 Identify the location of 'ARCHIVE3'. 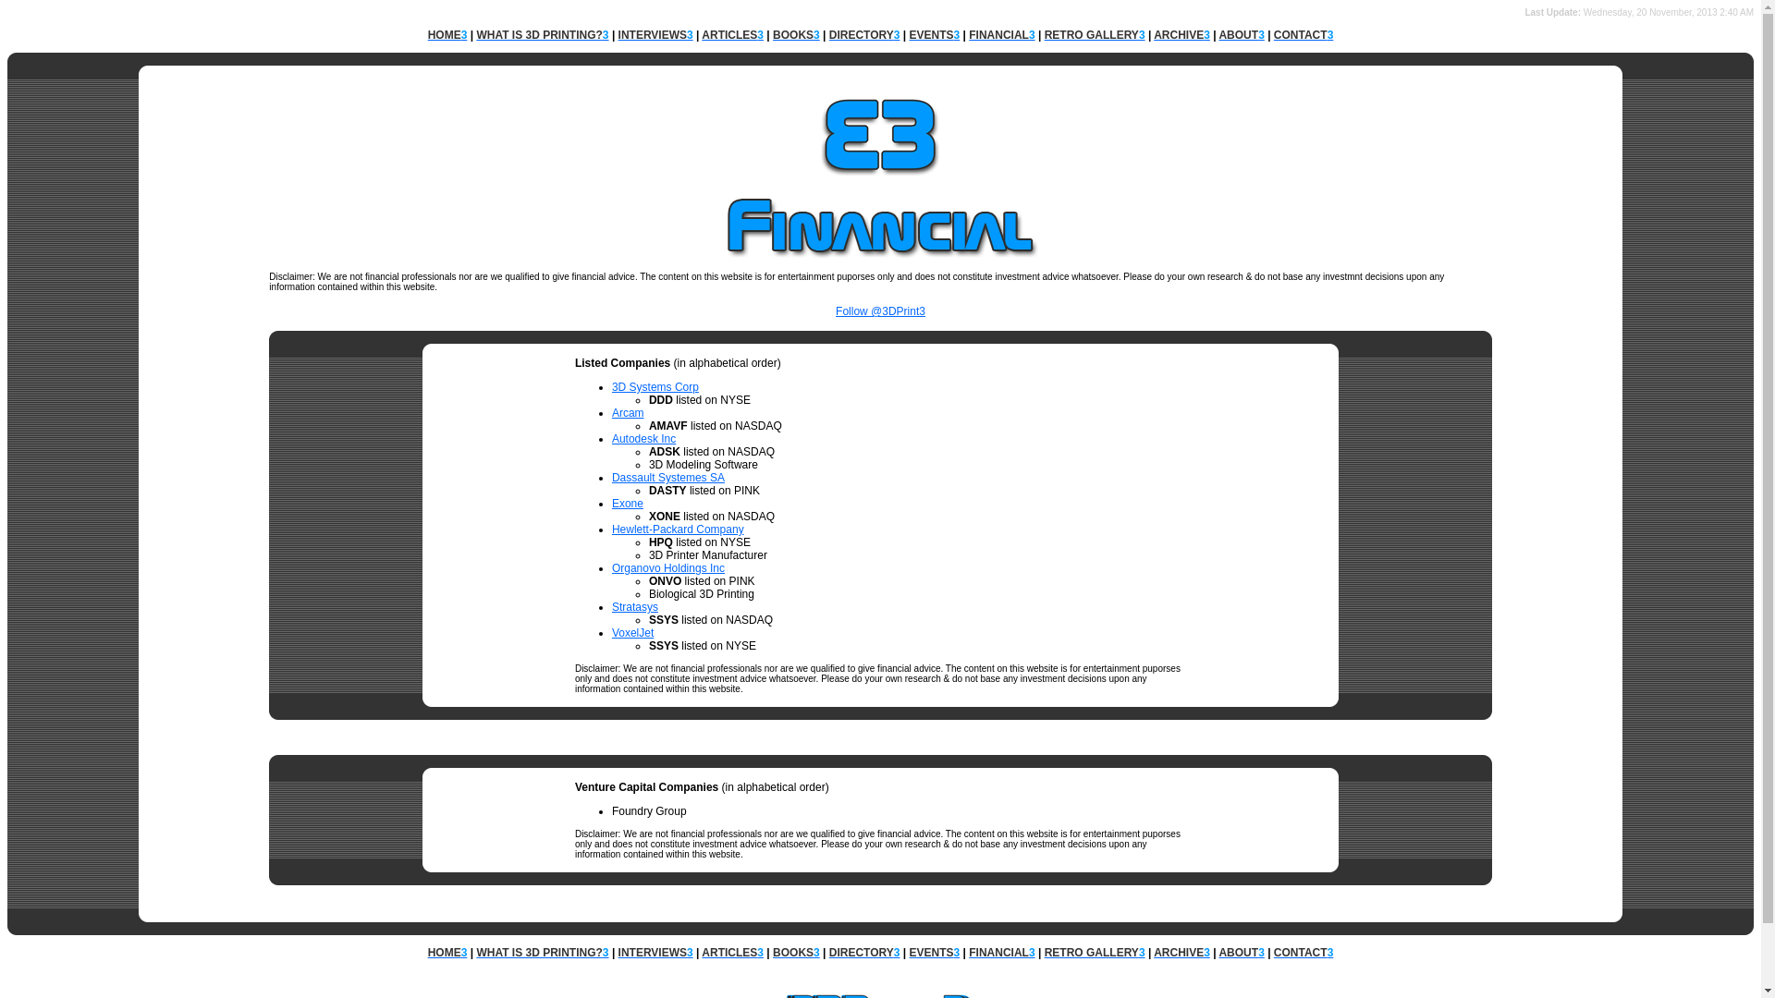
(1153, 952).